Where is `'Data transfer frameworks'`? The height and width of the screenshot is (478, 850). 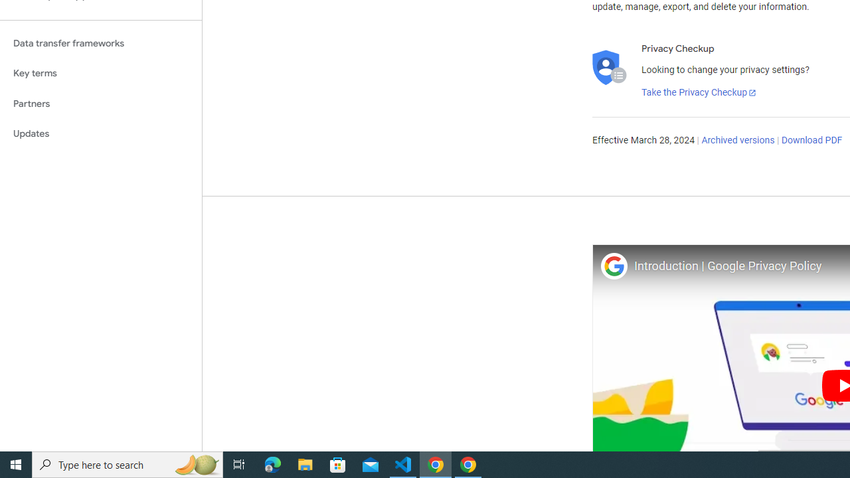
'Data transfer frameworks' is located at coordinates (100, 42).